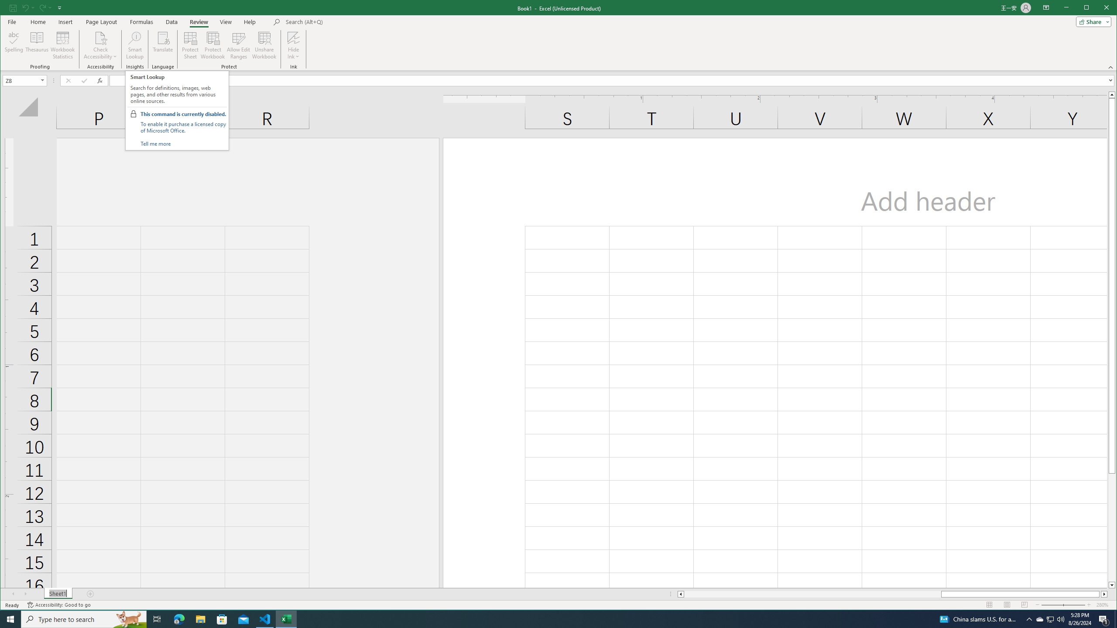  I want to click on 'Sheet1', so click(58, 594).